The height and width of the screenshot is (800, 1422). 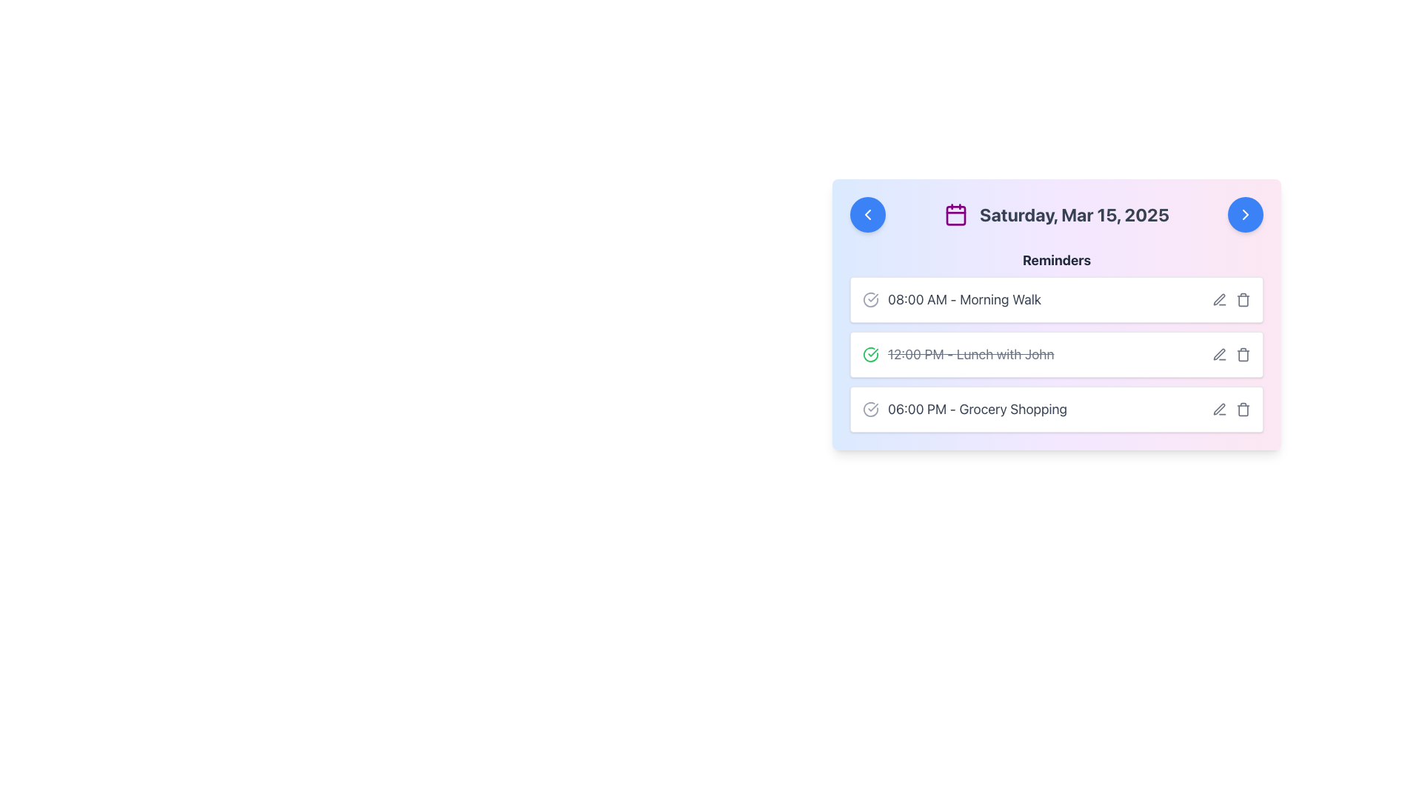 I want to click on the first scheduled event in the reminder list, so click(x=1055, y=300).